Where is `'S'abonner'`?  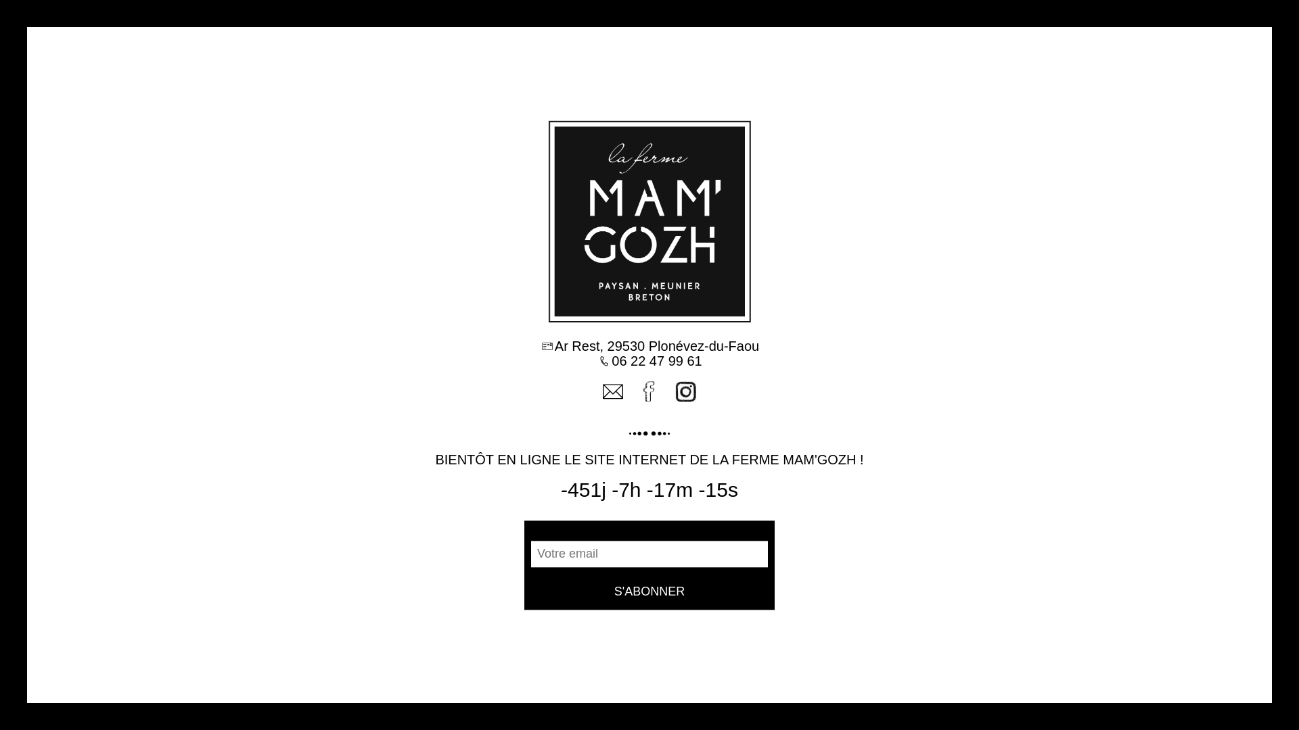 'S'abonner' is located at coordinates (649, 591).